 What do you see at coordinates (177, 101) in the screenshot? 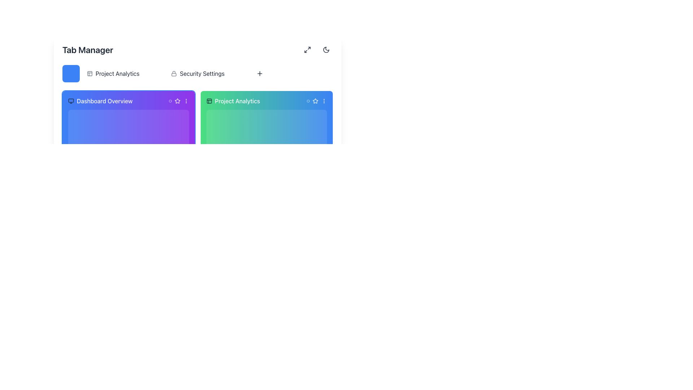
I see `the star icon located in the top-right area of the 'Project Analytics' card` at bounding box center [177, 101].